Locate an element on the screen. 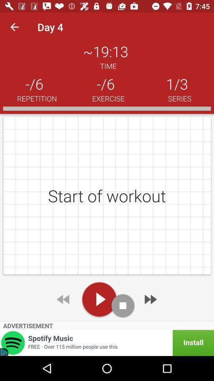 The height and width of the screenshot is (381, 214). the icon above the ~19:13 item is located at coordinates (14, 27).